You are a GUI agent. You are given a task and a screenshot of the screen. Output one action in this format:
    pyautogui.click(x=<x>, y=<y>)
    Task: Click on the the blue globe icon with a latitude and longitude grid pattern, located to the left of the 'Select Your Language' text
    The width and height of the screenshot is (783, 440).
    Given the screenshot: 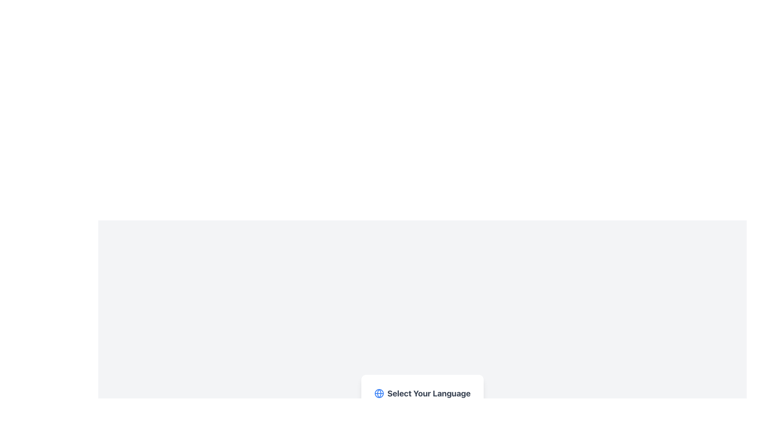 What is the action you would take?
    pyautogui.click(x=378, y=393)
    